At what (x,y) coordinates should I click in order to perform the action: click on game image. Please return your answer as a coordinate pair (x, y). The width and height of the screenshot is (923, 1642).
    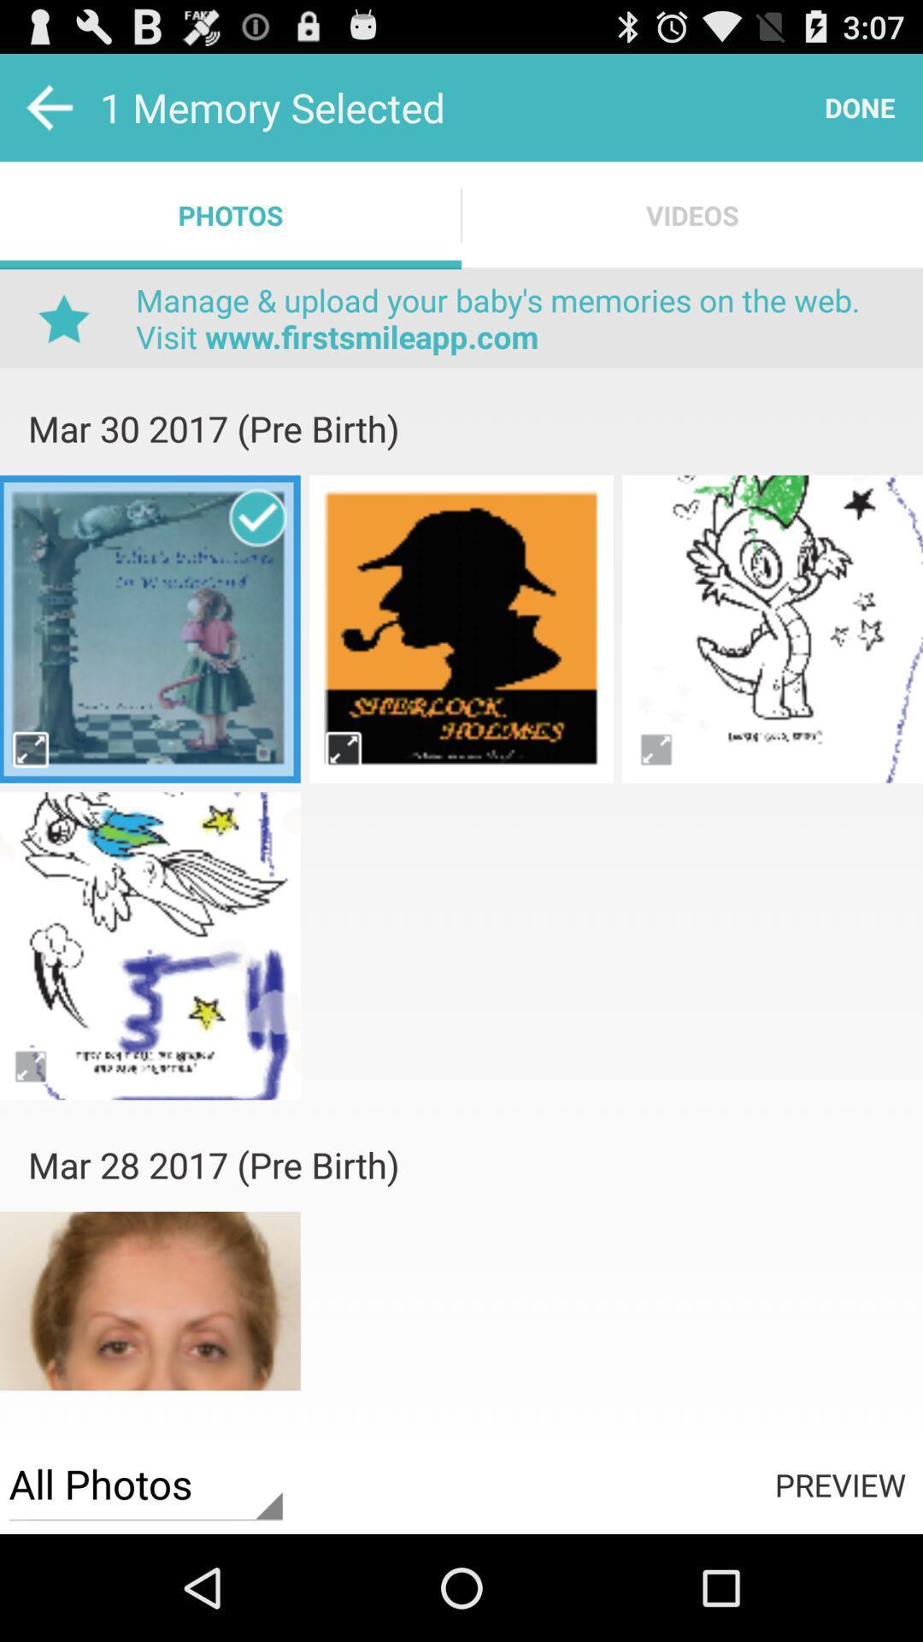
    Looking at the image, I should click on (149, 628).